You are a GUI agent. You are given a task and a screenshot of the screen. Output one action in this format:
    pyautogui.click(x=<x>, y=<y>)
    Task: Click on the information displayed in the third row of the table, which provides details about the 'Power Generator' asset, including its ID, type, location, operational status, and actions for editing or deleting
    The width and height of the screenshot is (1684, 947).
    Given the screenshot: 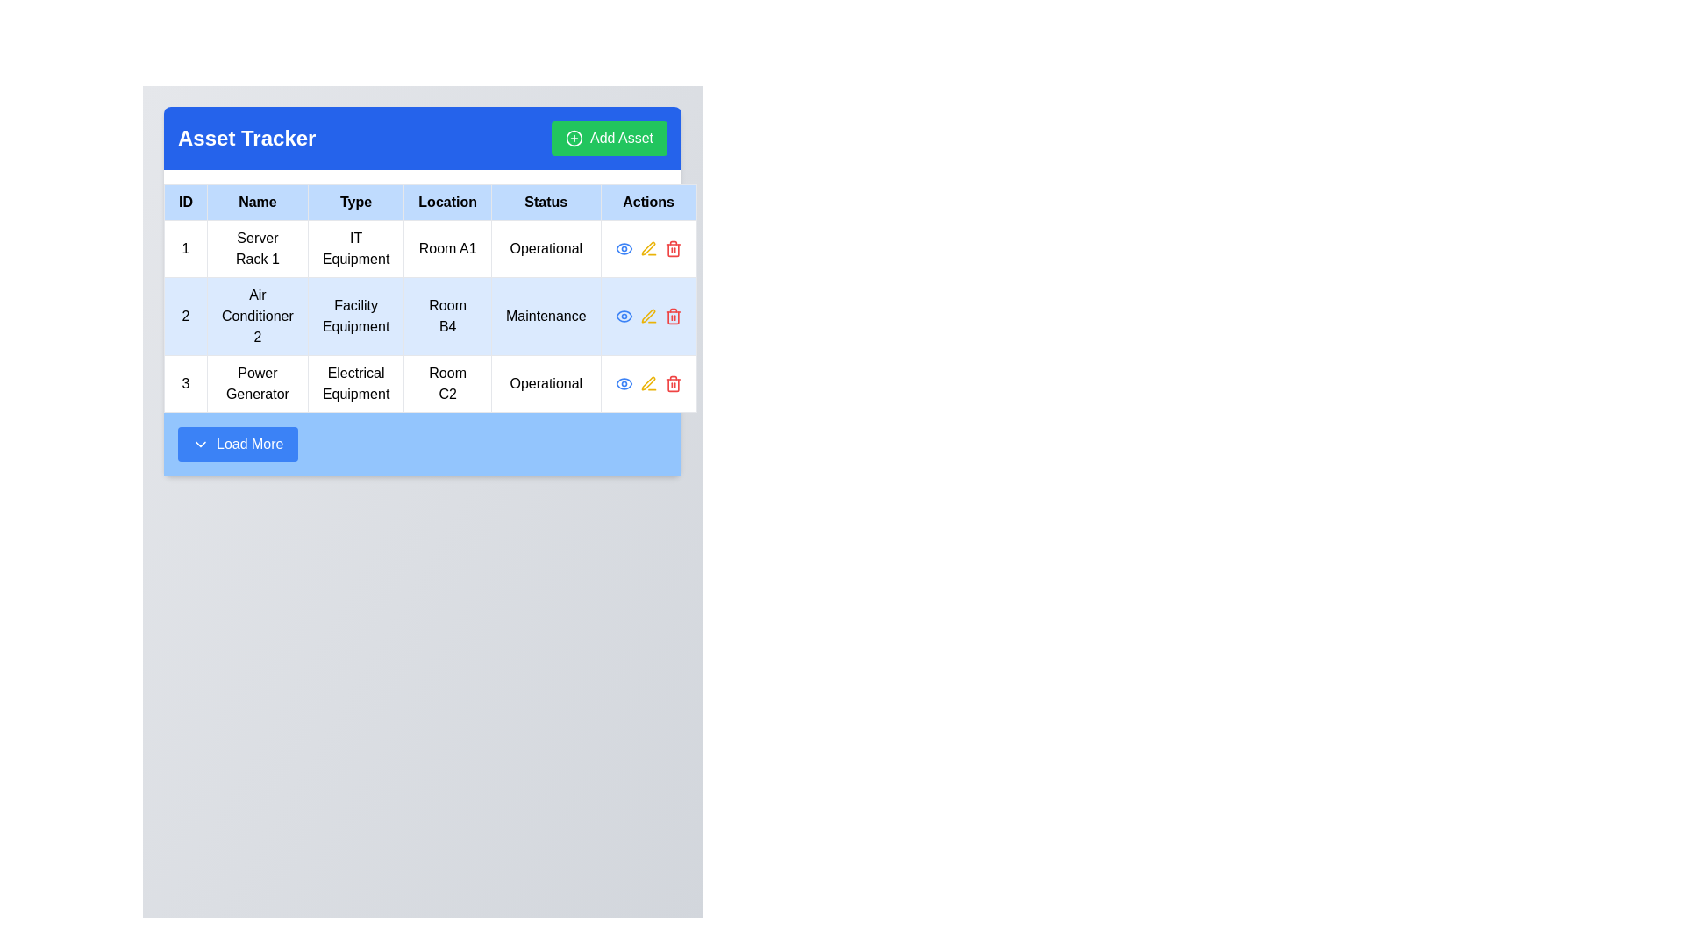 What is the action you would take?
    pyautogui.click(x=430, y=383)
    